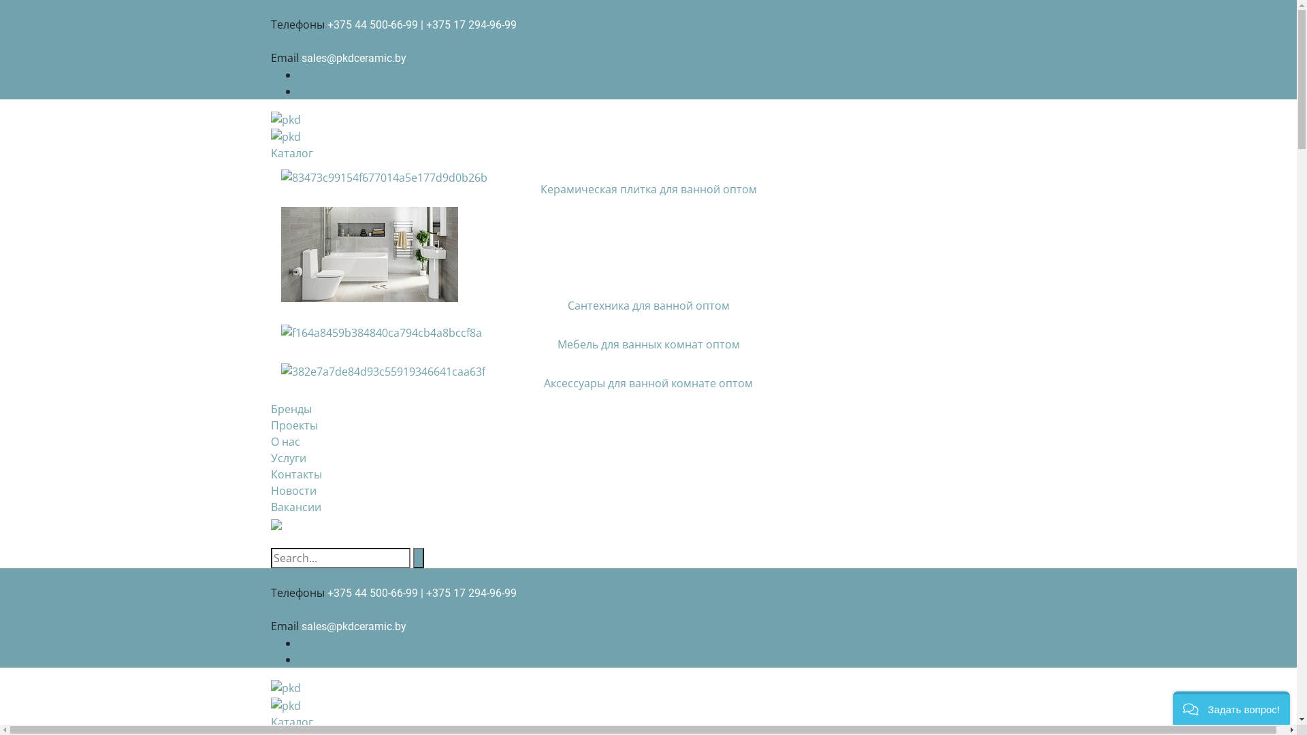 Image resolution: width=1307 pixels, height=735 pixels. What do you see at coordinates (353, 57) in the screenshot?
I see `'sales@pkdceramic.by'` at bounding box center [353, 57].